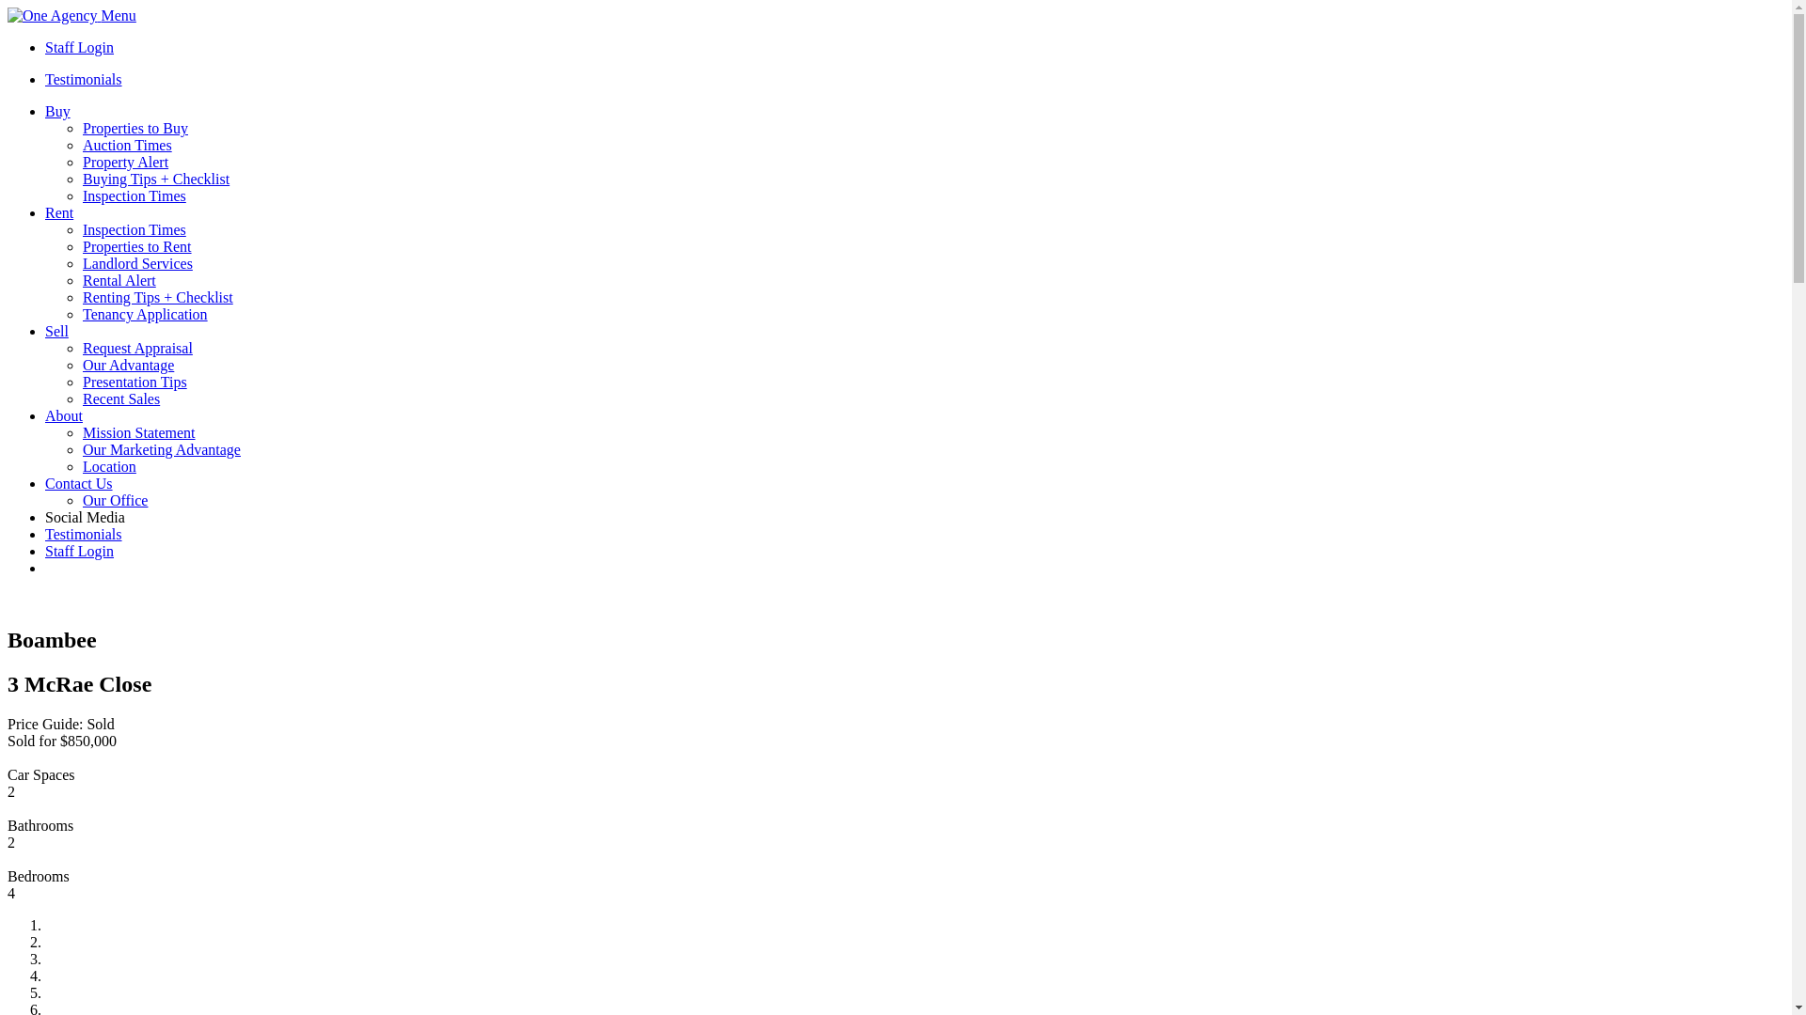  I want to click on 'Landlord Services', so click(136, 263).